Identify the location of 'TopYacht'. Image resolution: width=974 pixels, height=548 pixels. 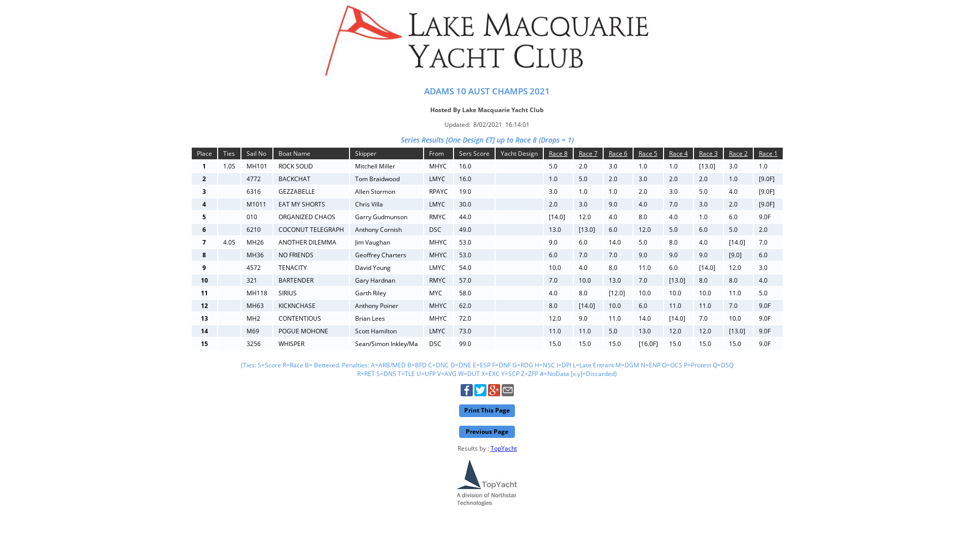
(503, 448).